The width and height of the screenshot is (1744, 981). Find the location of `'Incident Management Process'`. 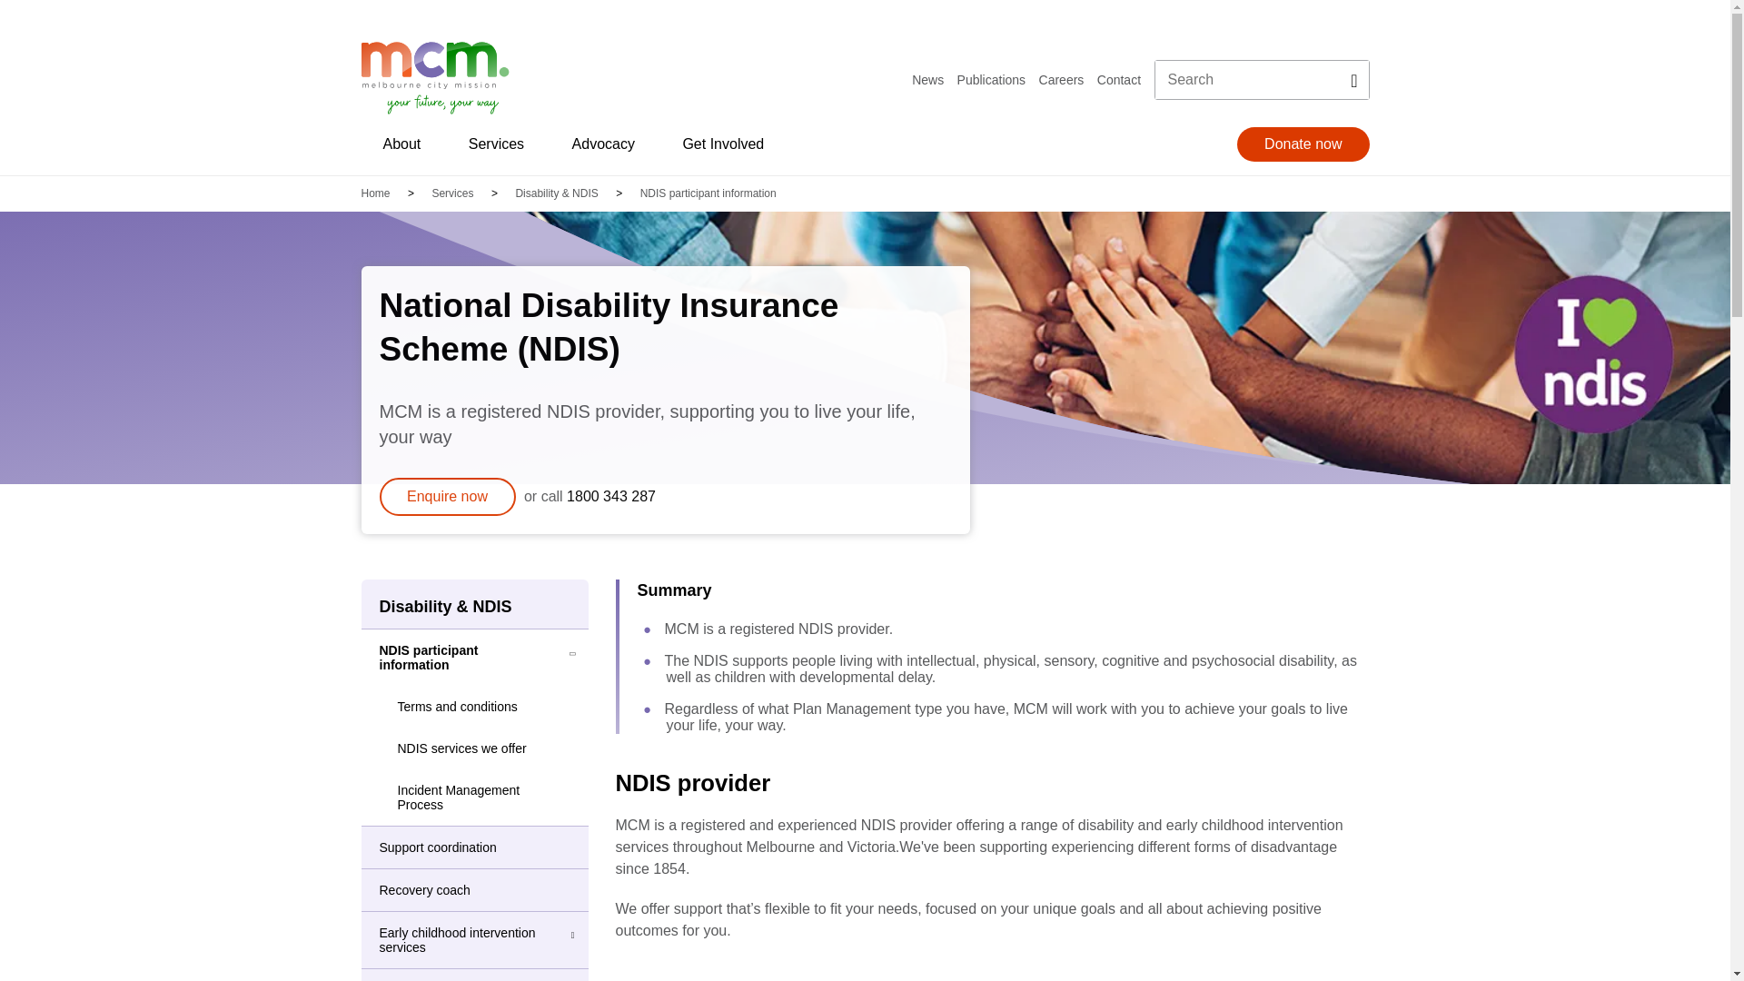

'Incident Management Process' is located at coordinates (475, 797).